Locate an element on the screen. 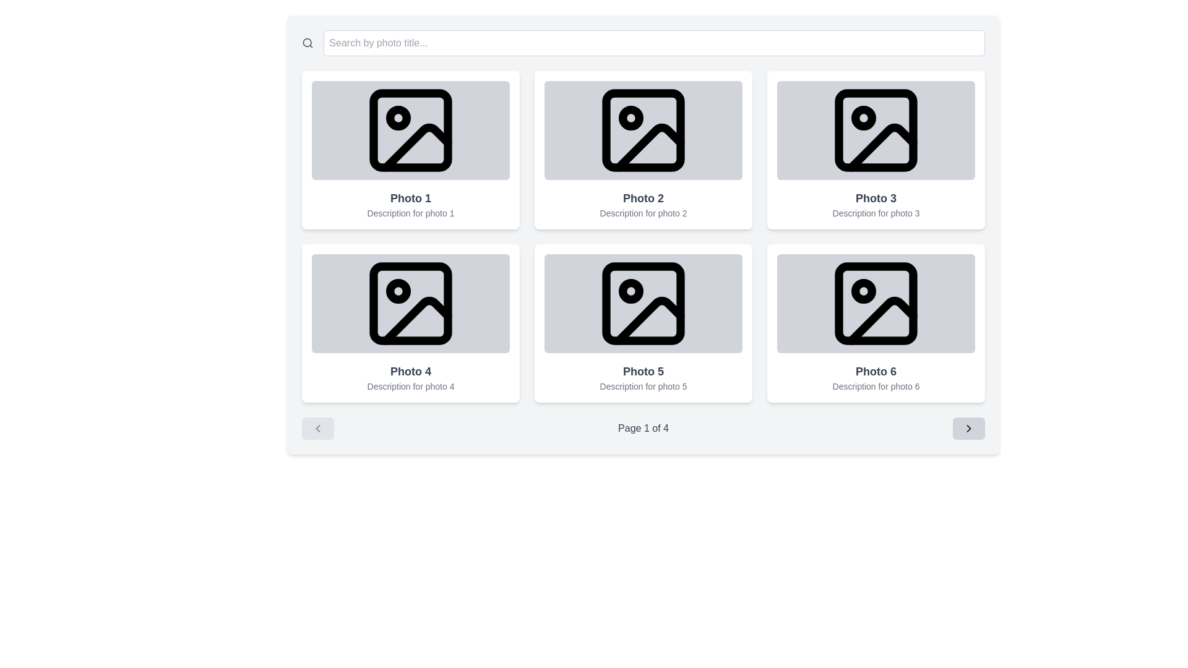  the details of the Card element titled 'Photo 5' which includes the title and description text located in the middle column of the second row of the grid layout is located at coordinates (643, 323).